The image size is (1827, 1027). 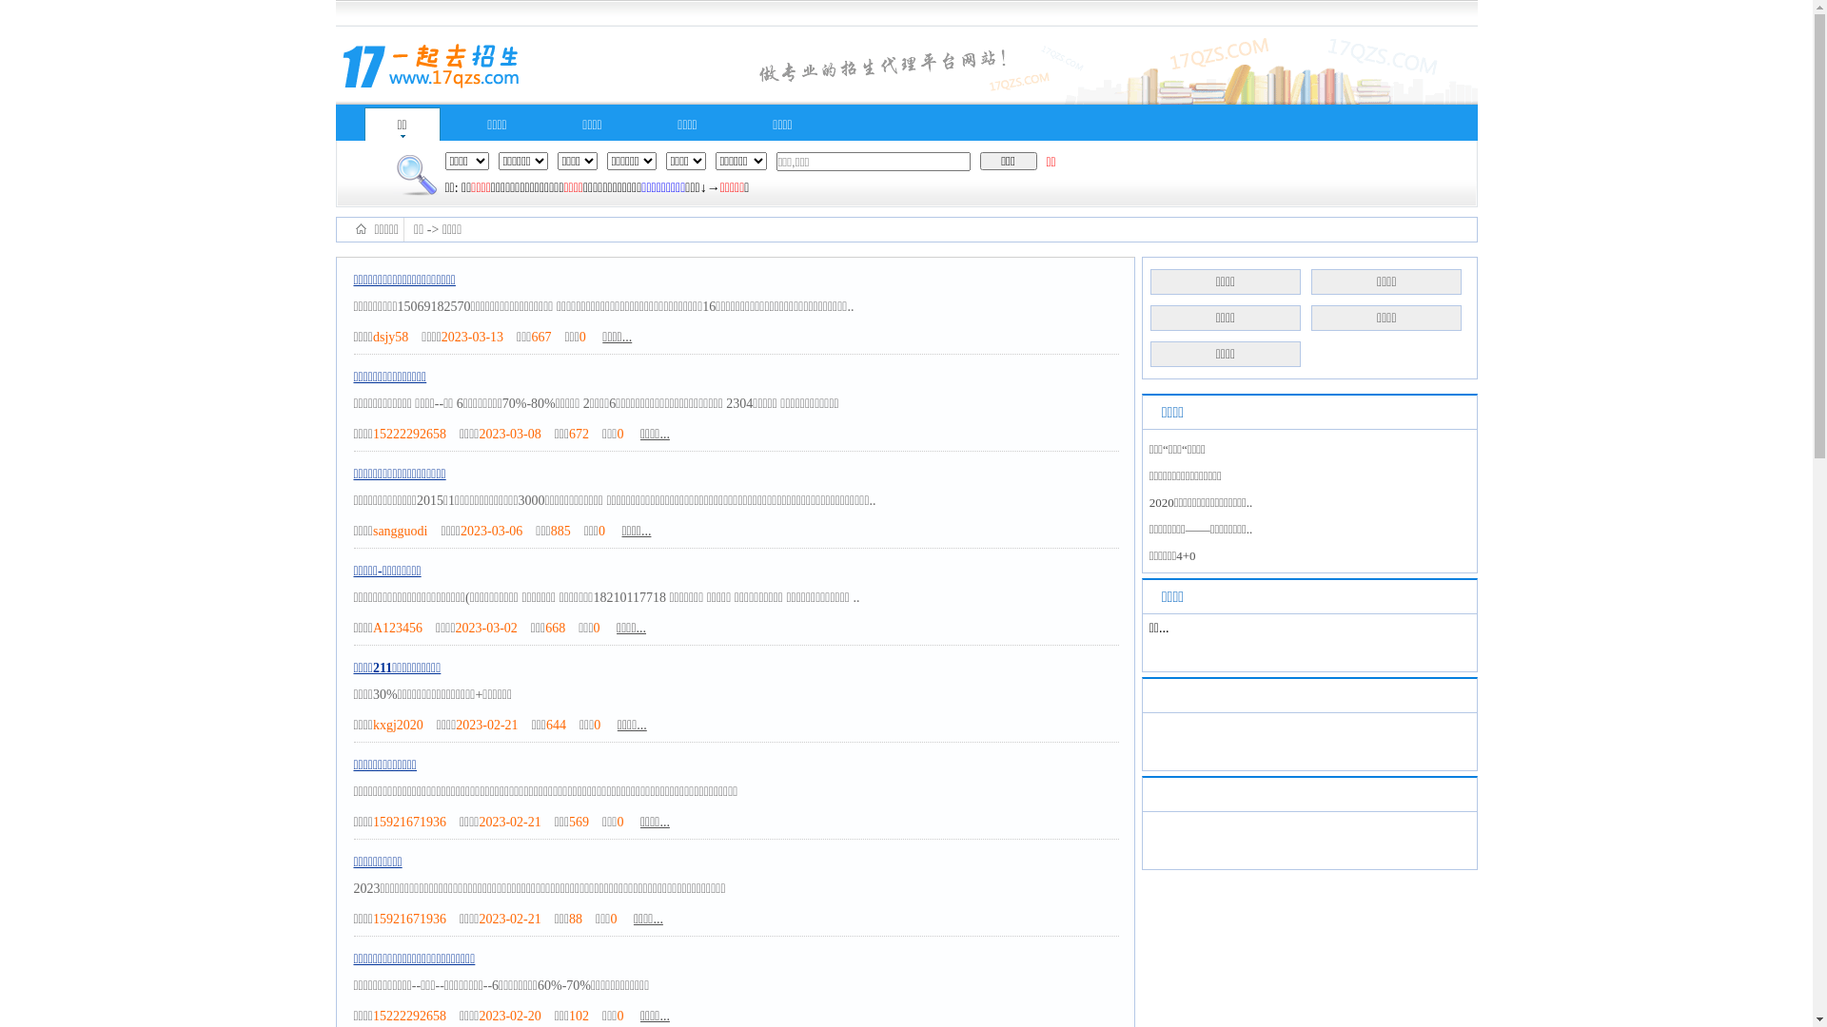 I want to click on '672', so click(x=578, y=434).